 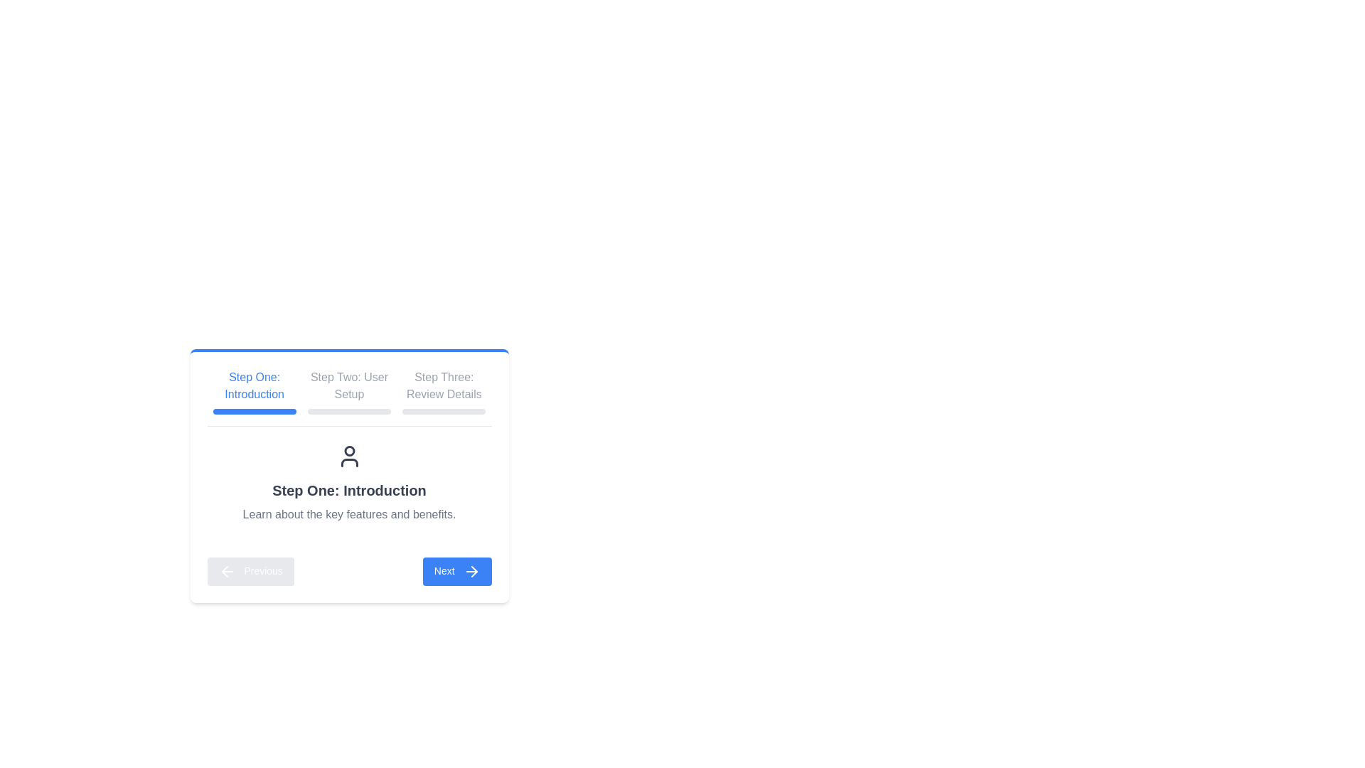 I want to click on header text element that provides the title and context for the content below in the step-by-step guidance interface, so click(x=349, y=490).